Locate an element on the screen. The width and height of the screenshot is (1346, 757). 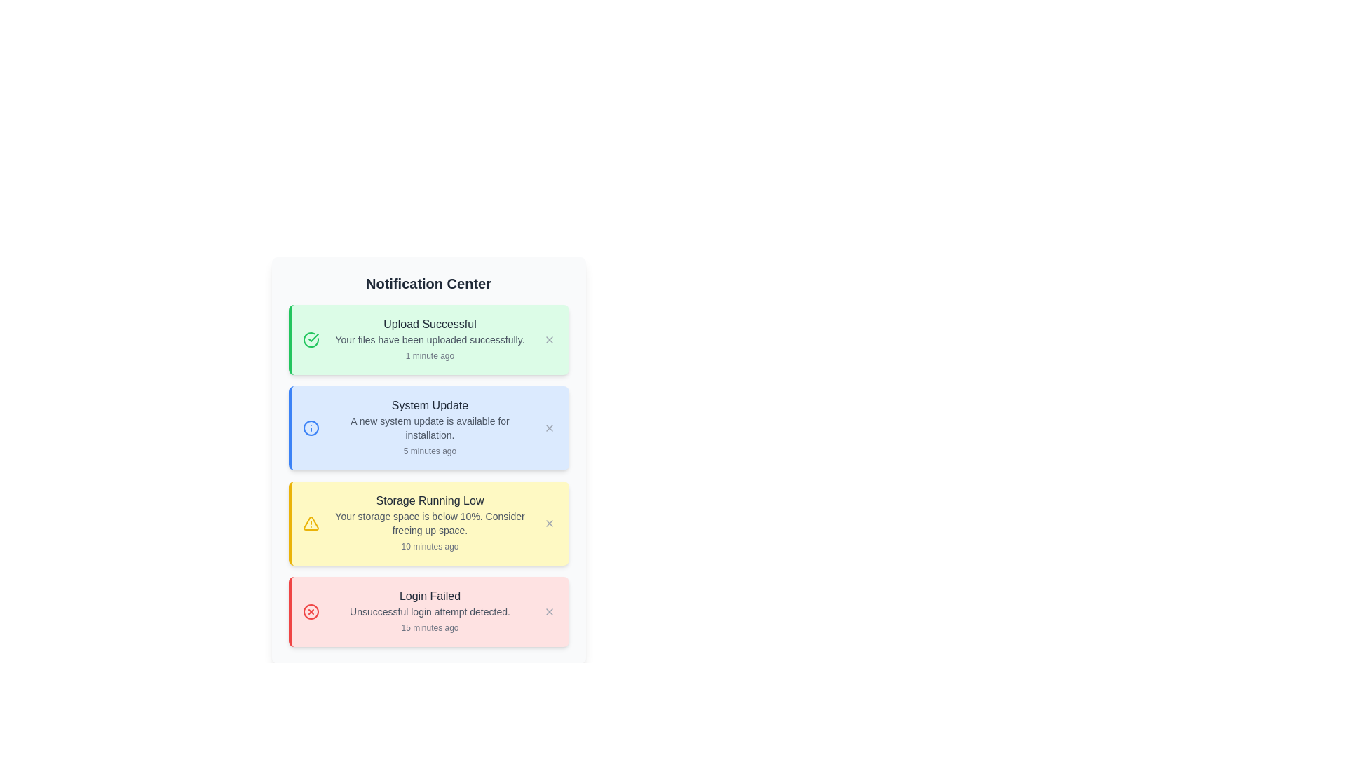
the Text Label indicating the subject of the 'Login Failed' notification card located in the Notification Center, which is positioned above the text 'Unsuccessful login attempt detected.' is located at coordinates (429, 596).